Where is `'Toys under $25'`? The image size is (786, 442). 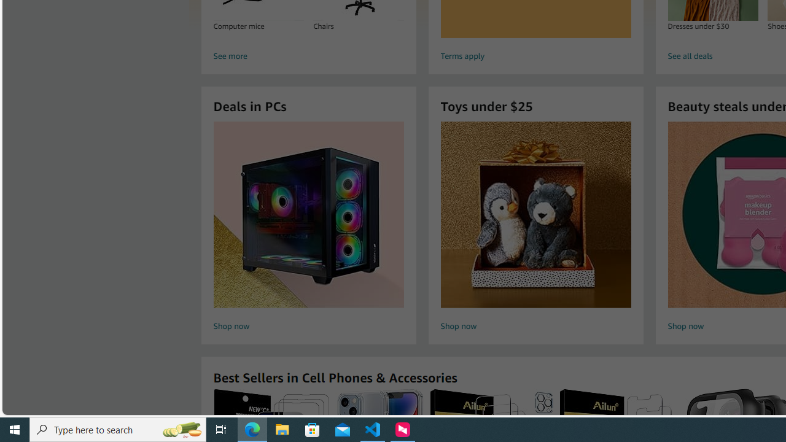
'Toys under $25' is located at coordinates (535, 214).